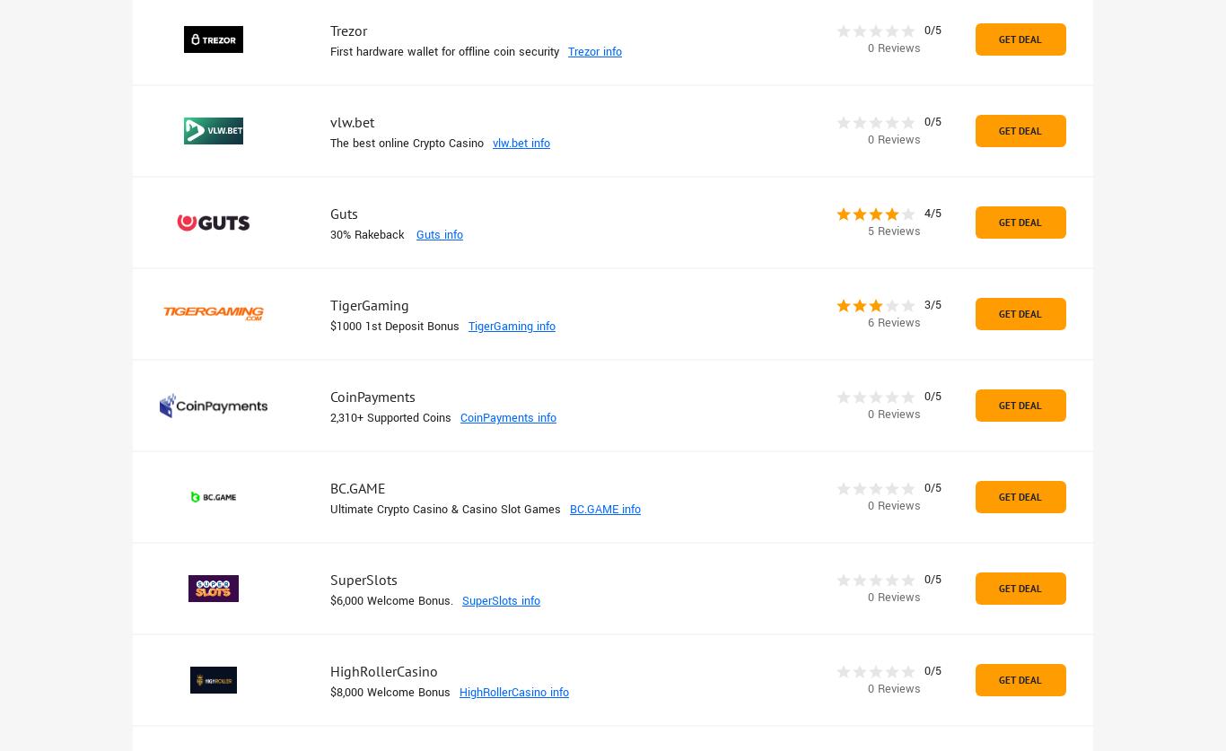 The image size is (1226, 751). Describe the element at coordinates (329, 509) in the screenshot. I see `'Ultimate Crypto Casino & Casino Slot Games'` at that location.